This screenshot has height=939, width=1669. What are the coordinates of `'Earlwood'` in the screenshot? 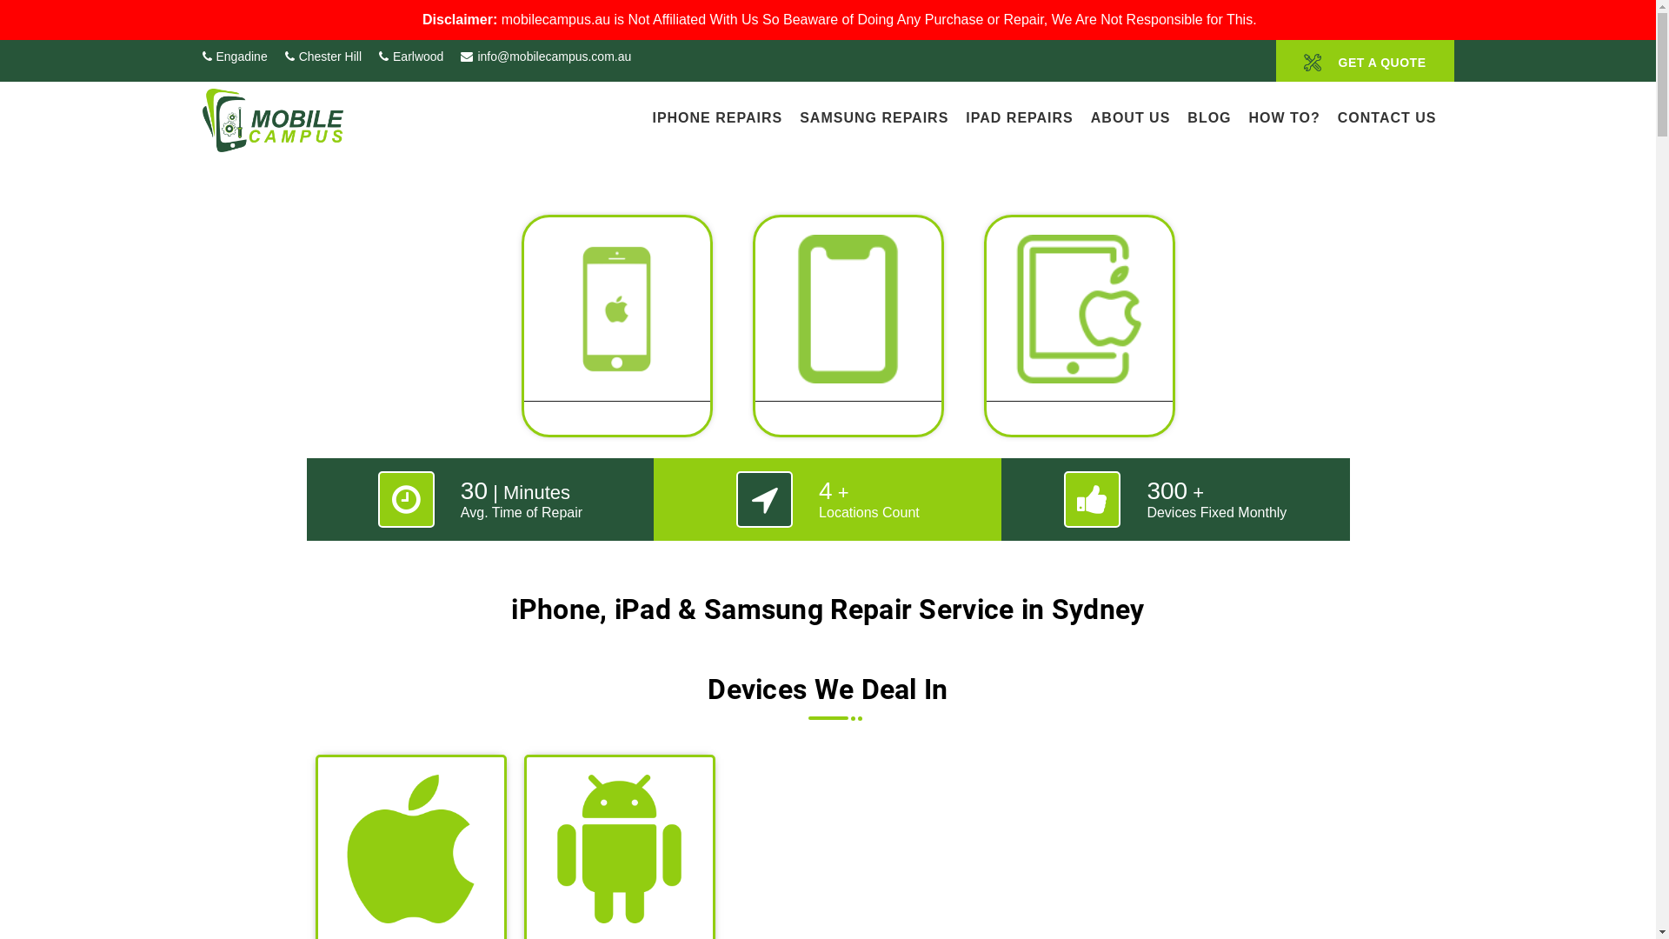 It's located at (410, 56).